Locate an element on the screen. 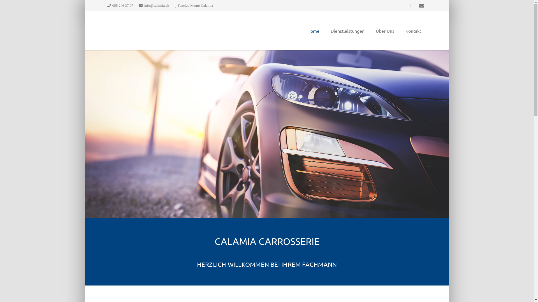 The width and height of the screenshot is (538, 302). 'Facebook' is located at coordinates (411, 5).